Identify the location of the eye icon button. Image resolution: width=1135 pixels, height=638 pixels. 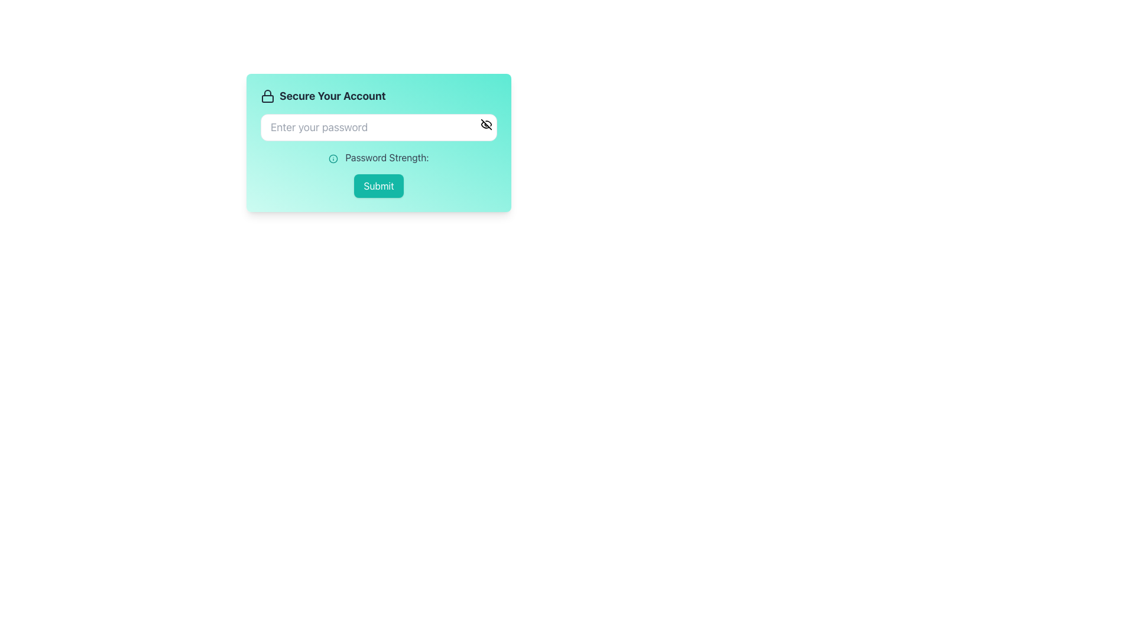
(486, 125).